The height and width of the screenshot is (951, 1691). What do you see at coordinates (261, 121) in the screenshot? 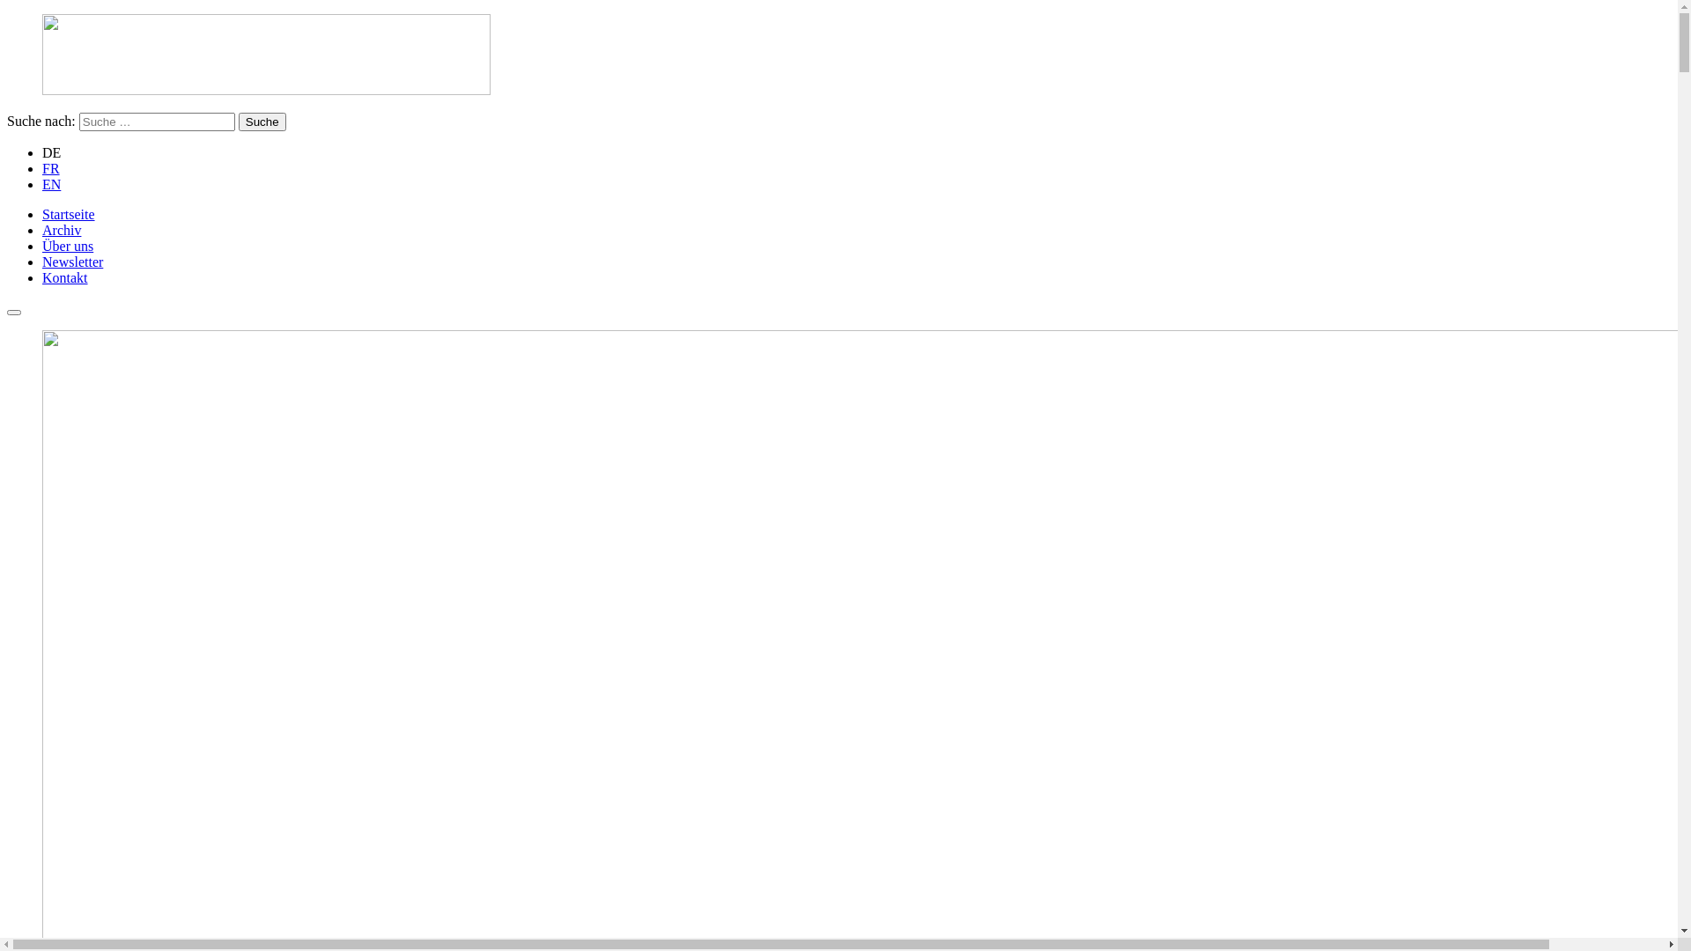
I see `'Suche'` at bounding box center [261, 121].